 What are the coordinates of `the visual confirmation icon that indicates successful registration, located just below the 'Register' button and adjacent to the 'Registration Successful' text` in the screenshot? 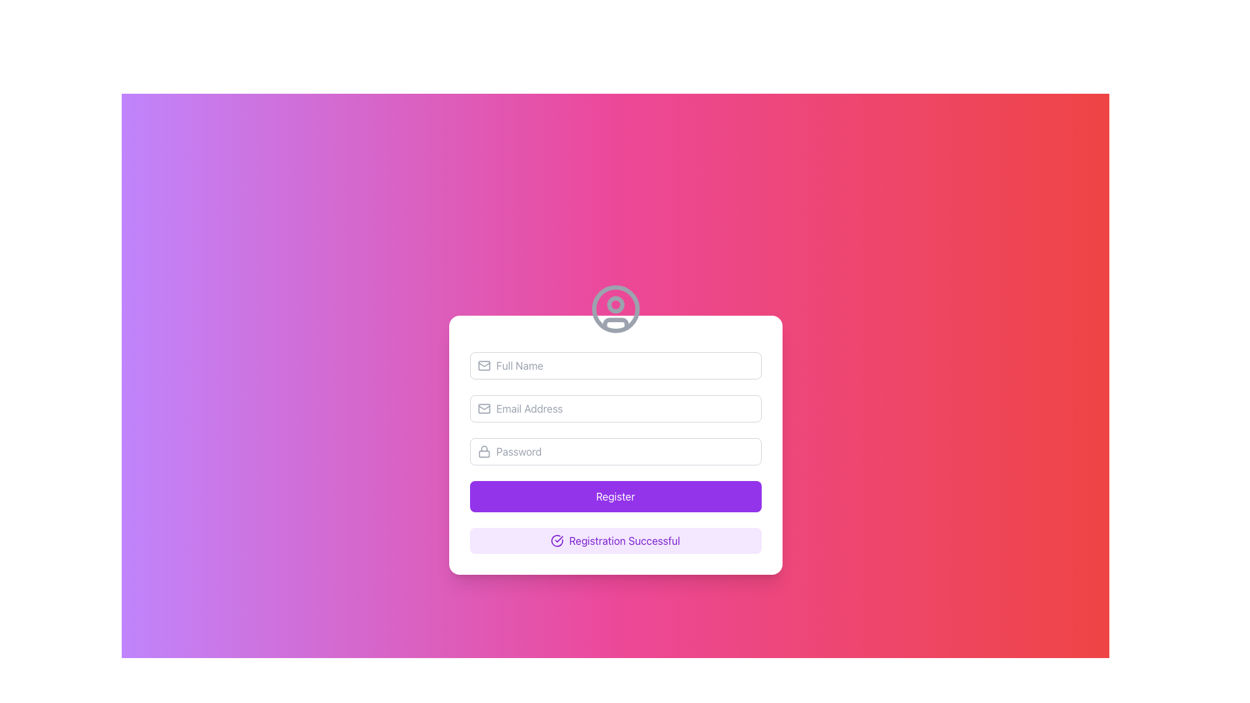 It's located at (557, 540).